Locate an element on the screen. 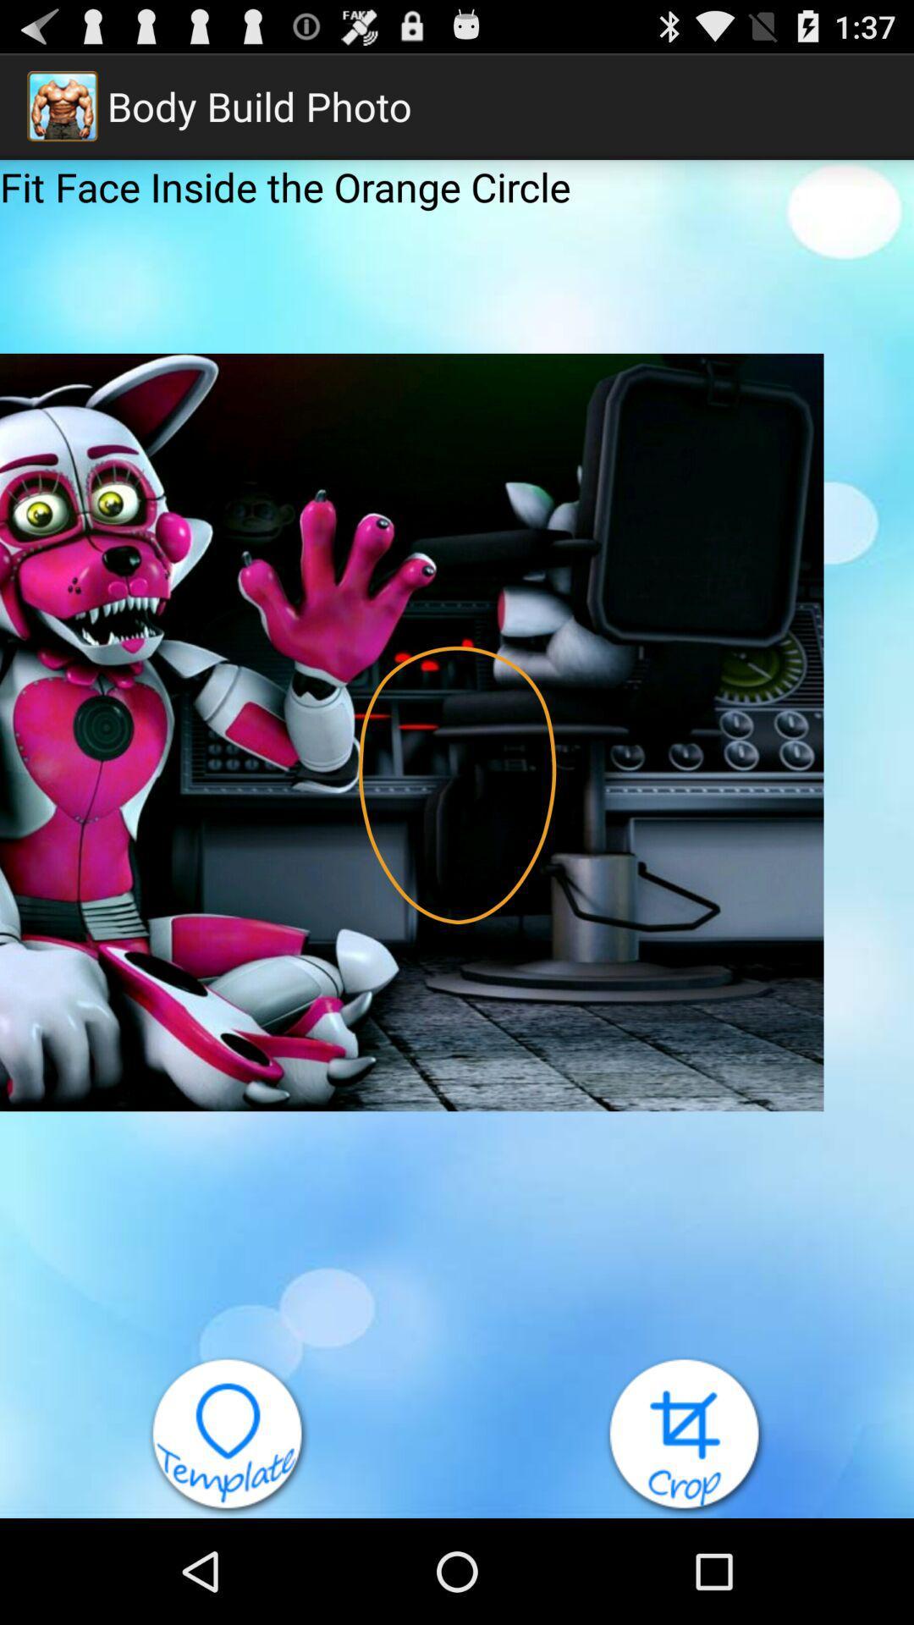 The height and width of the screenshot is (1625, 914). crop image is located at coordinates (685, 1435).